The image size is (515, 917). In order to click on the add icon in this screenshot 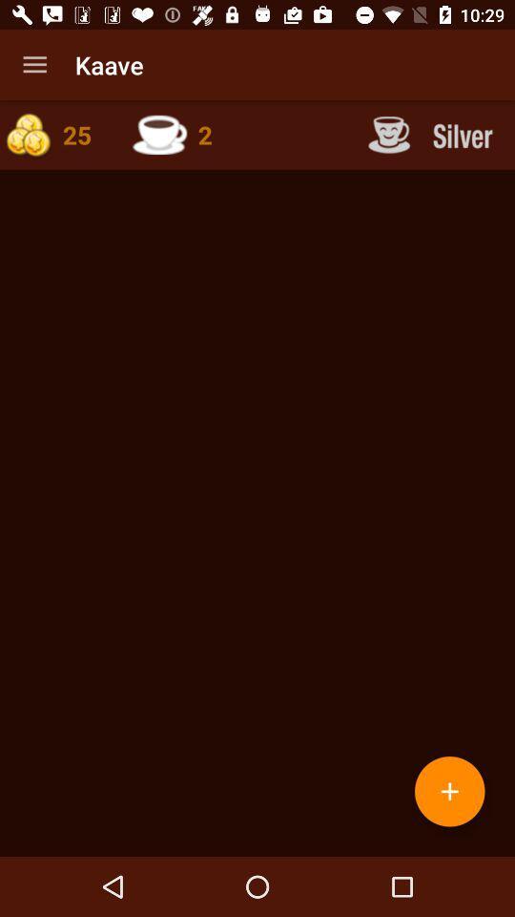, I will do `click(449, 791)`.